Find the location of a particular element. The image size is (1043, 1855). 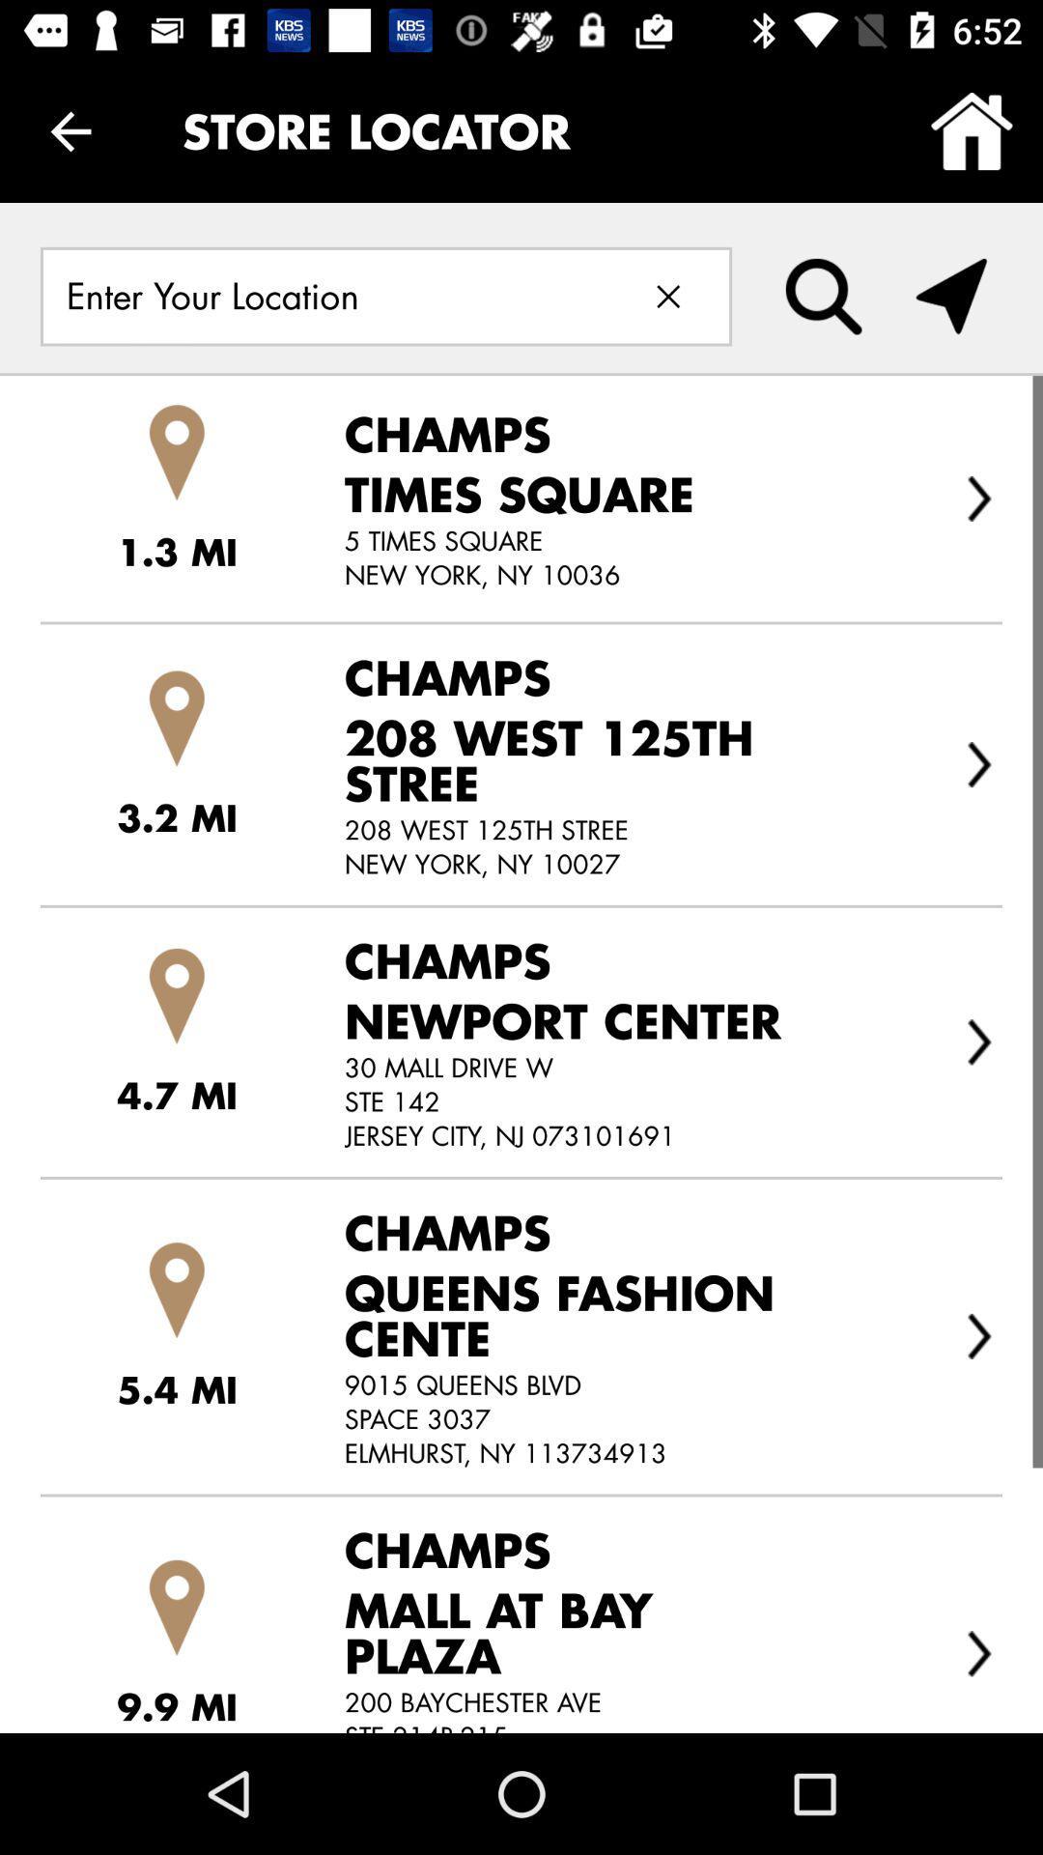

icon next to the store locator icon is located at coordinates (972, 130).